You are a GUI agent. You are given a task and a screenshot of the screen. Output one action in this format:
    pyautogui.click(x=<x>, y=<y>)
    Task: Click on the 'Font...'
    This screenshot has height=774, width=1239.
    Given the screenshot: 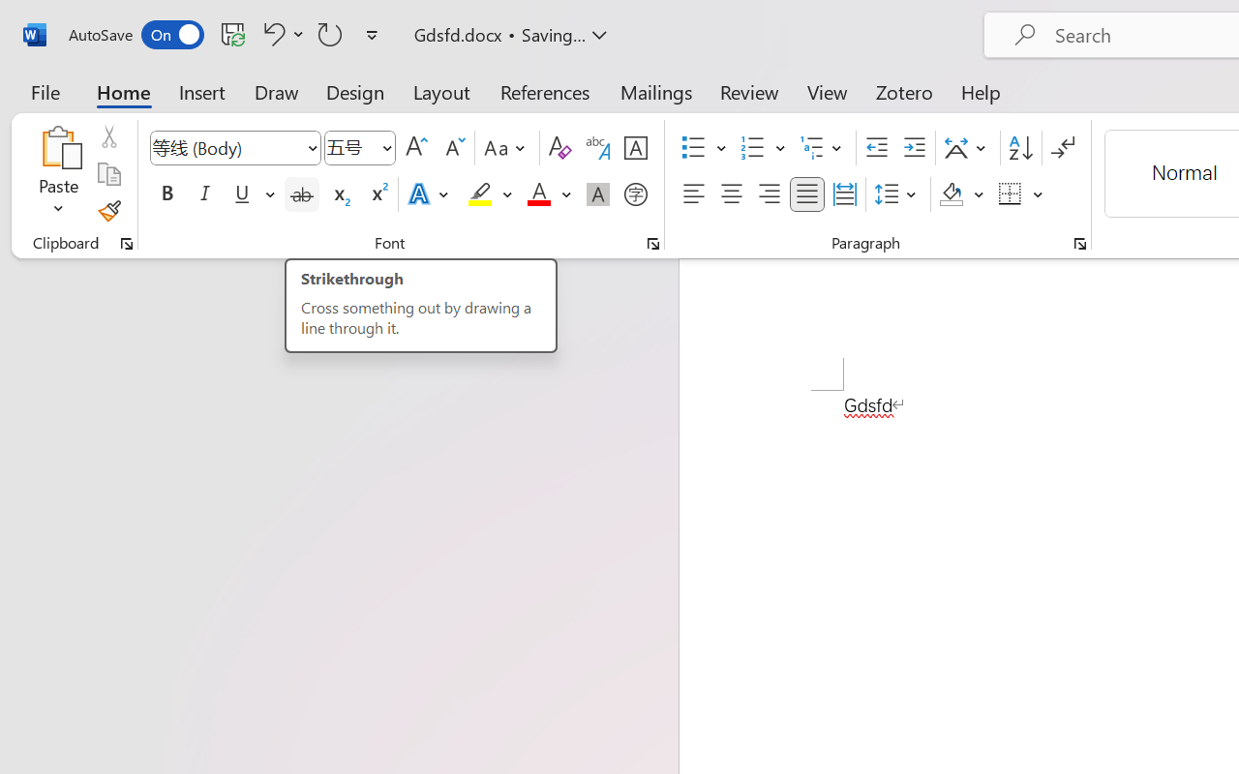 What is the action you would take?
    pyautogui.click(x=653, y=243)
    